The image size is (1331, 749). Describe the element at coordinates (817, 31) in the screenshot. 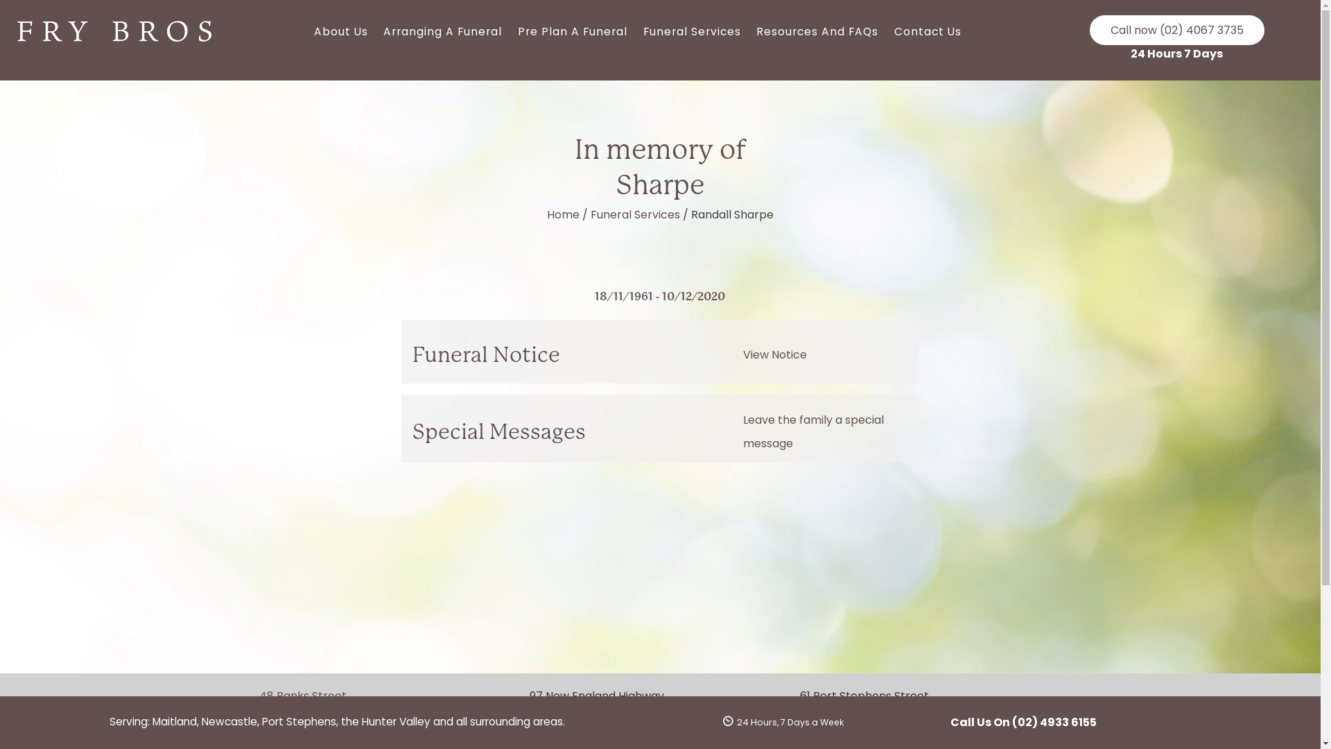

I see `'Resources And FAQs'` at that location.